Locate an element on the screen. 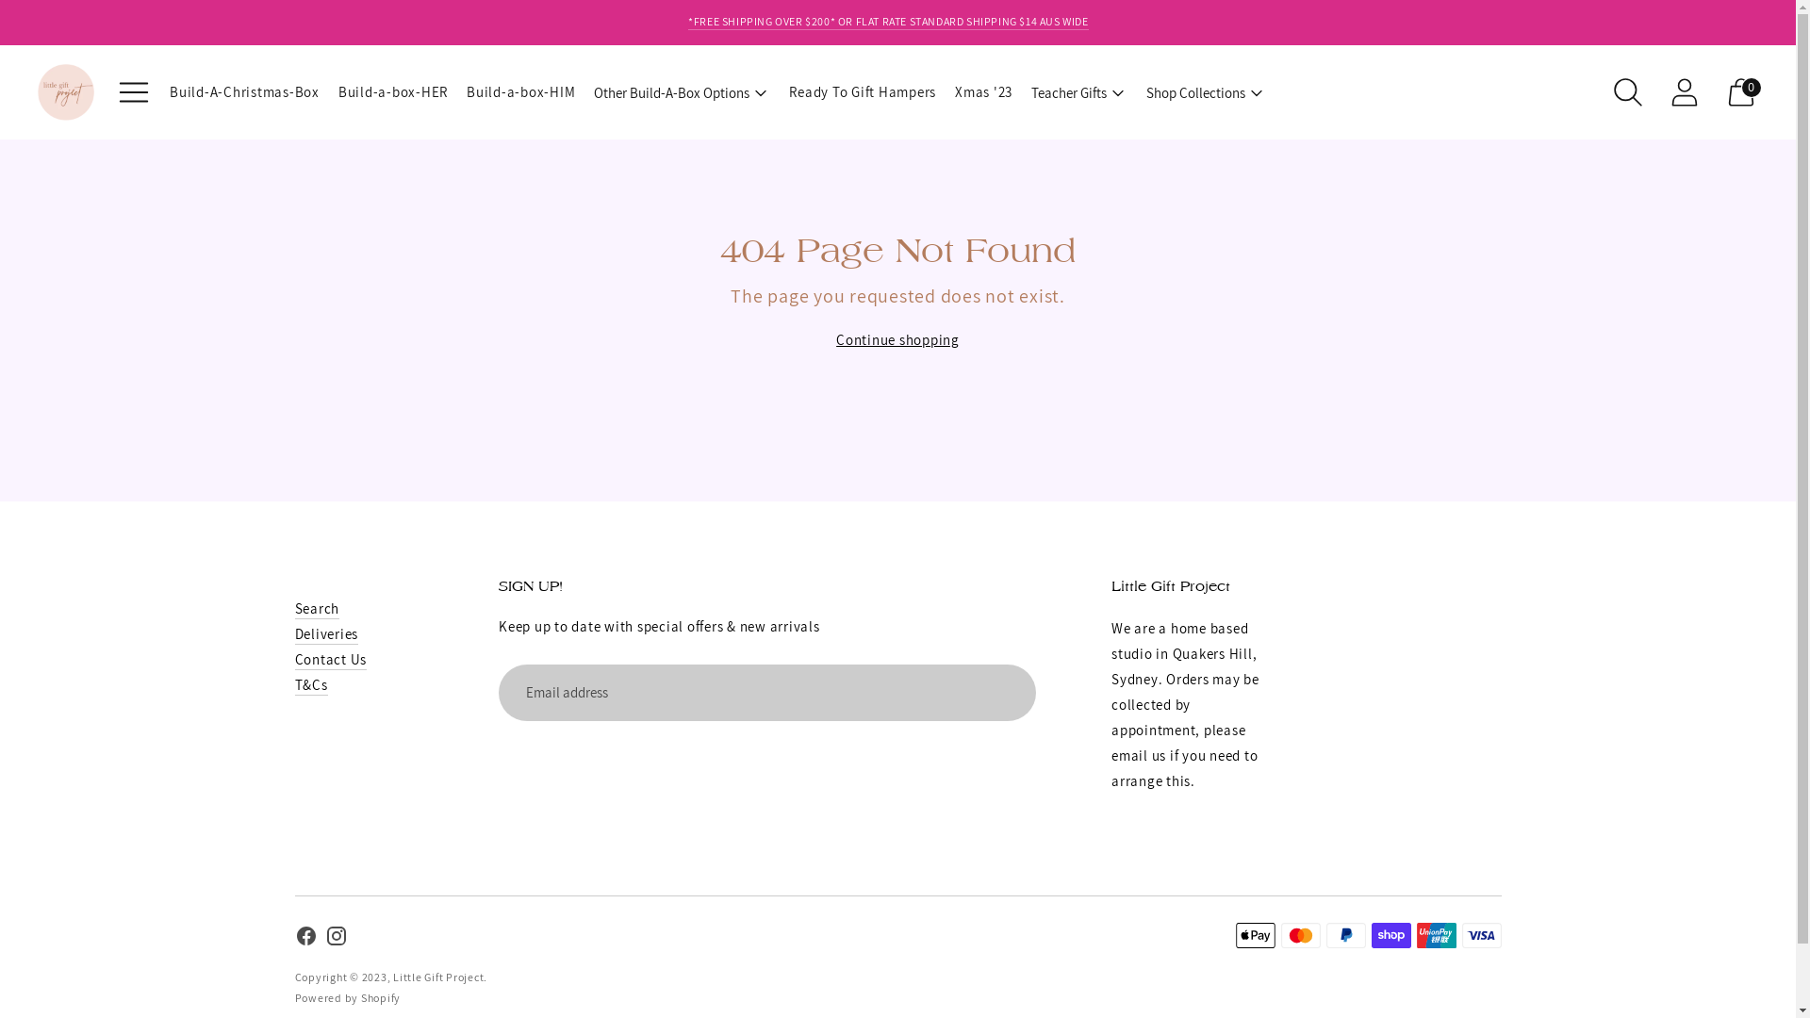 The height and width of the screenshot is (1018, 1810). 'Little Gift Project on Facebook' is located at coordinates (293, 938).